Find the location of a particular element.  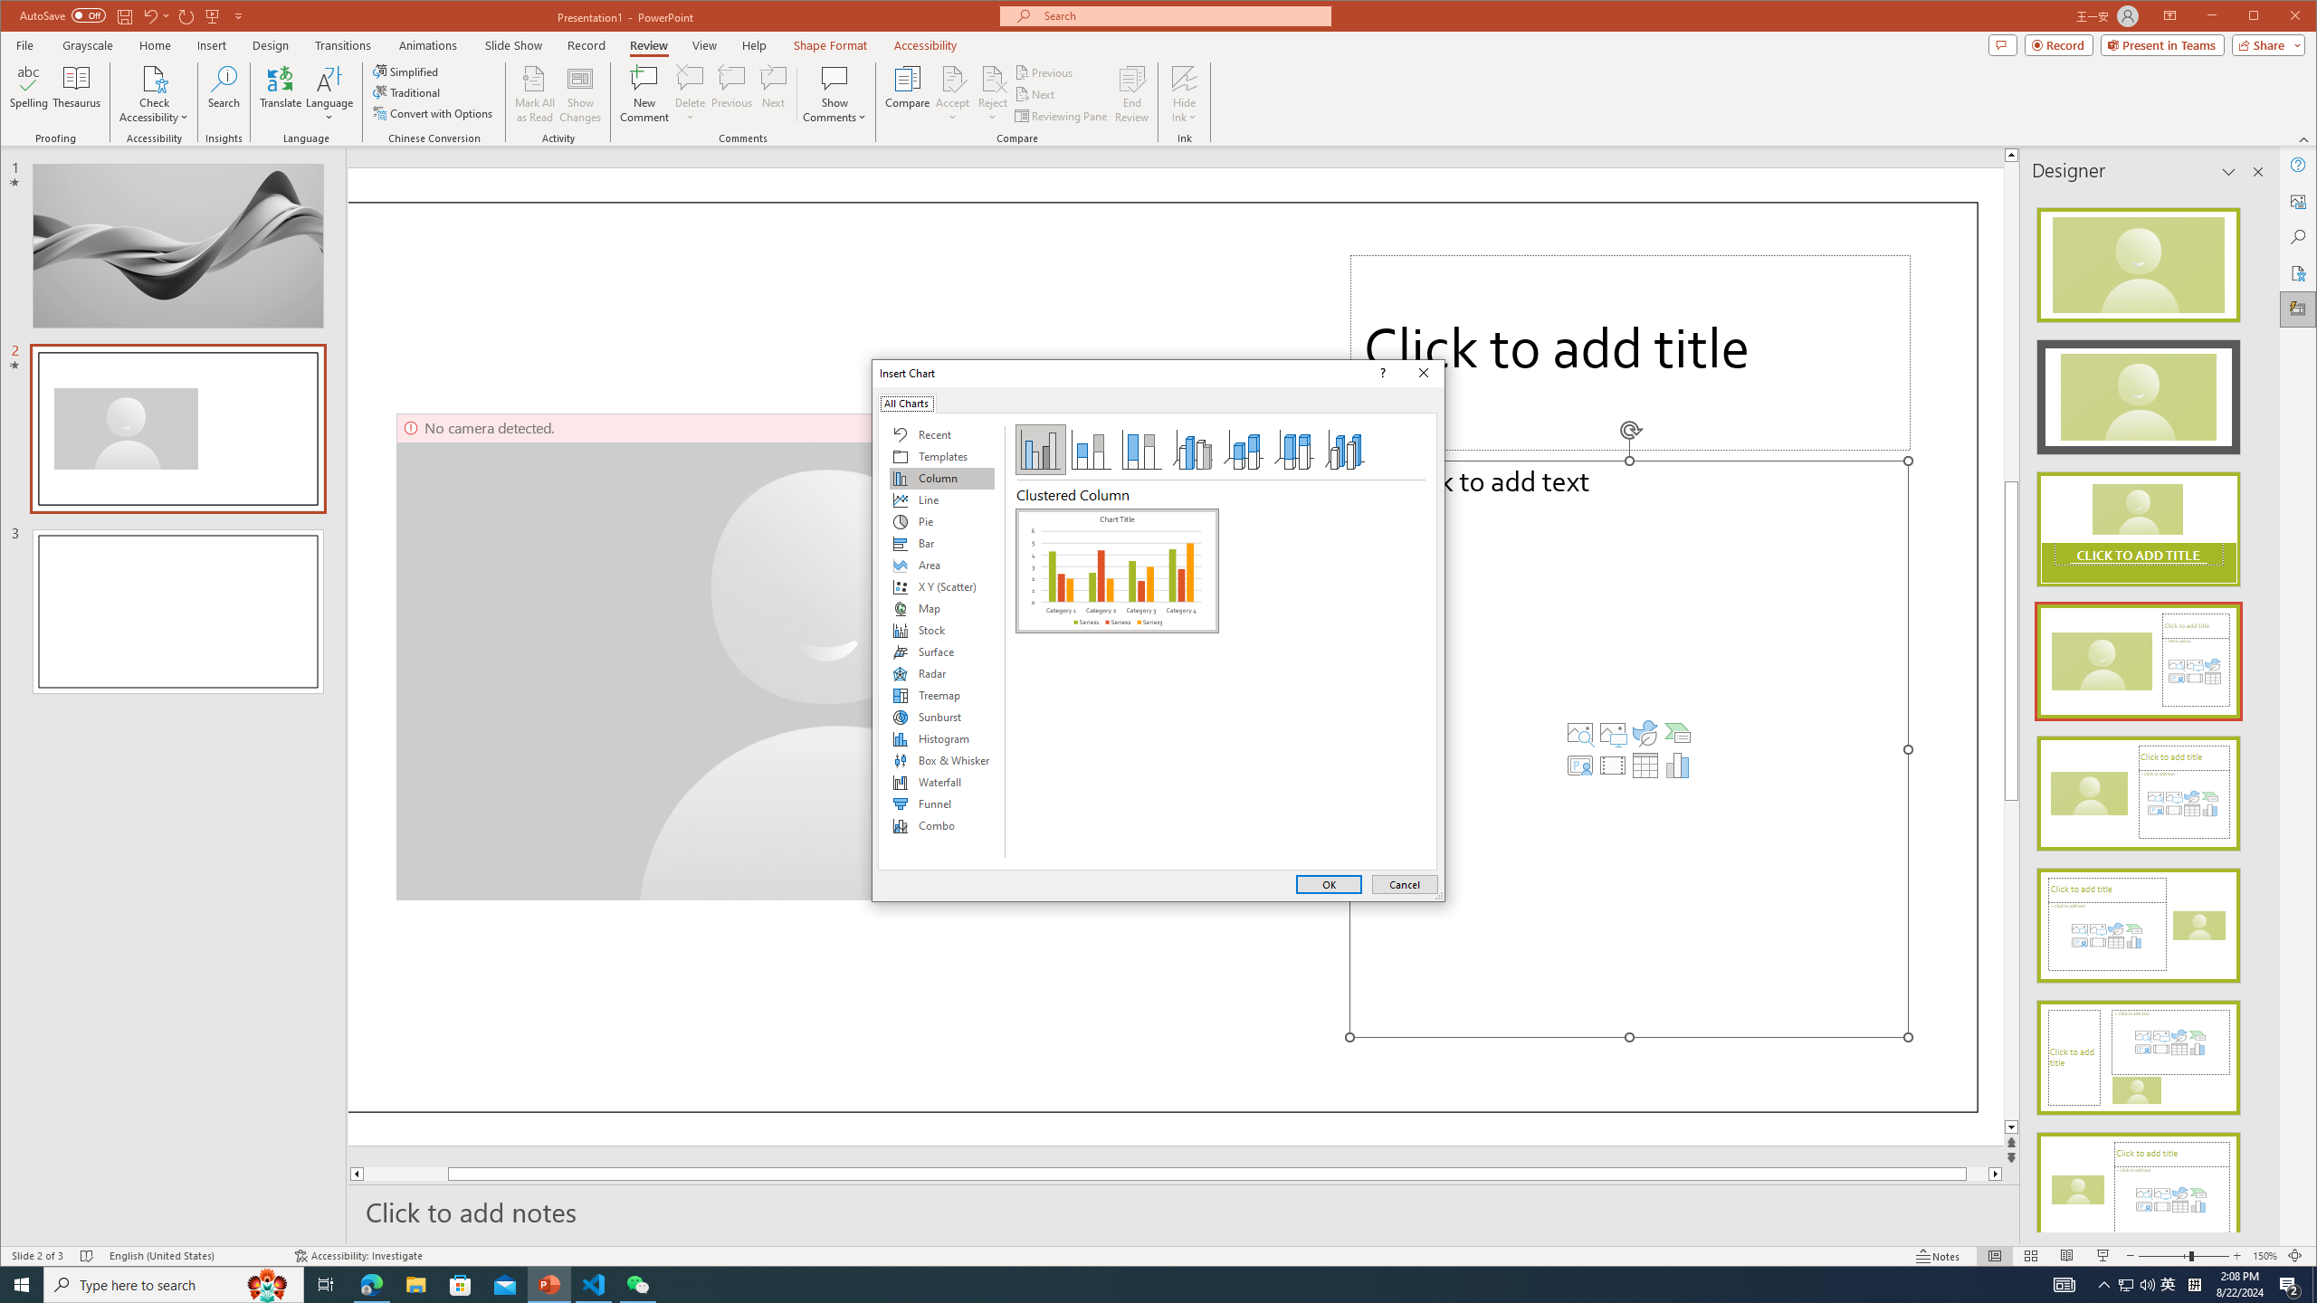

'Waterfall' is located at coordinates (940, 781).